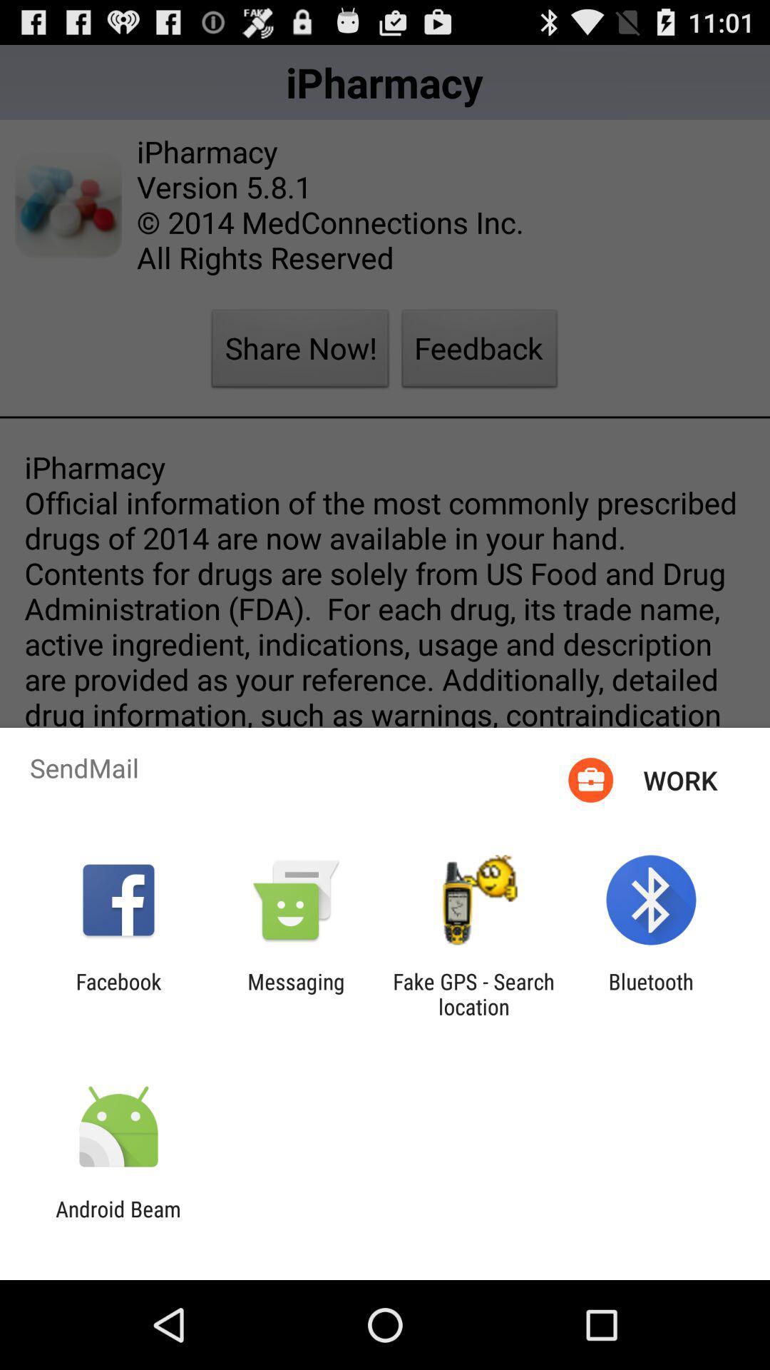 The width and height of the screenshot is (770, 1370). I want to click on facebook, so click(118, 993).